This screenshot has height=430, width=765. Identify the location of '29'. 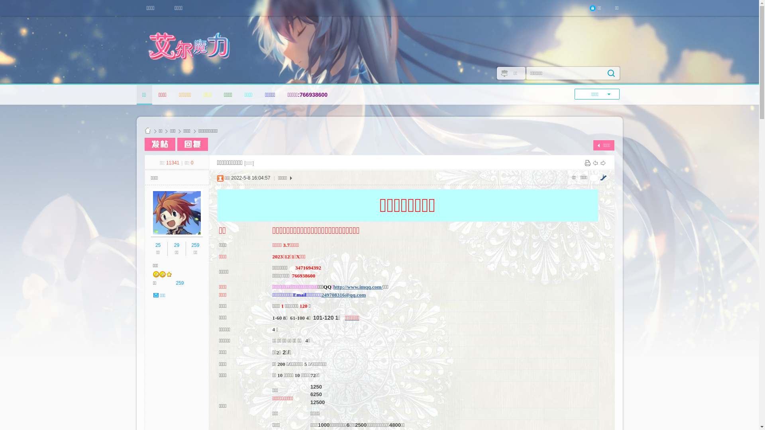
(176, 245).